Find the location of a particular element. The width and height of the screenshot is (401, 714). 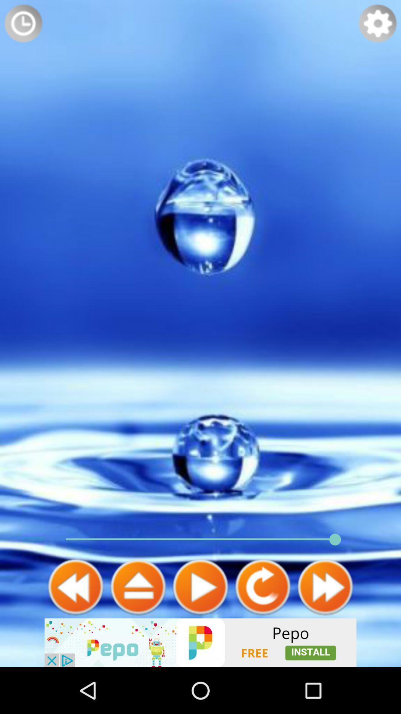

pack page is located at coordinates (76, 586).